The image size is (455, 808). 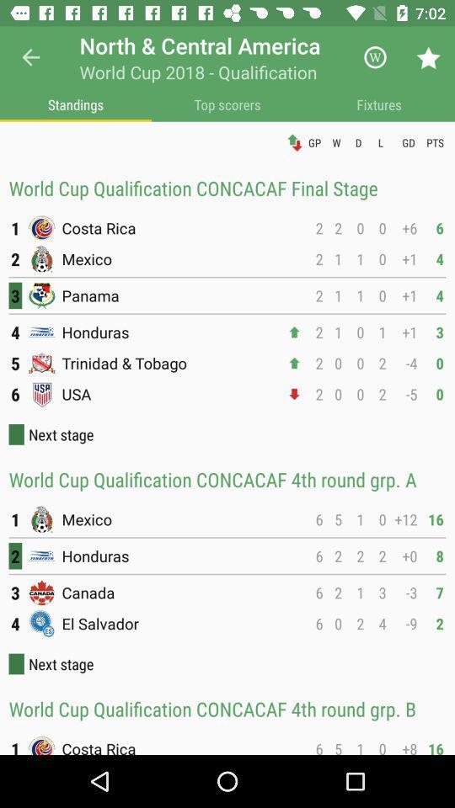 I want to click on the icon next to top scorers app, so click(x=378, y=104).